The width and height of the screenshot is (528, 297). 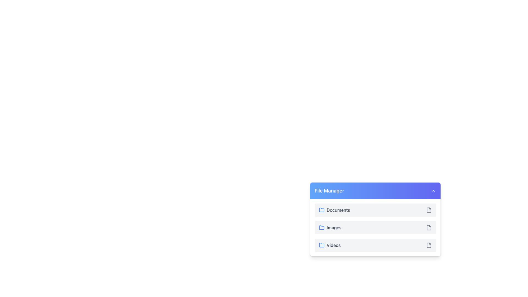 I want to click on the document icon located at the far right of the 'Images' row under the 'File Manager' header, so click(x=429, y=228).